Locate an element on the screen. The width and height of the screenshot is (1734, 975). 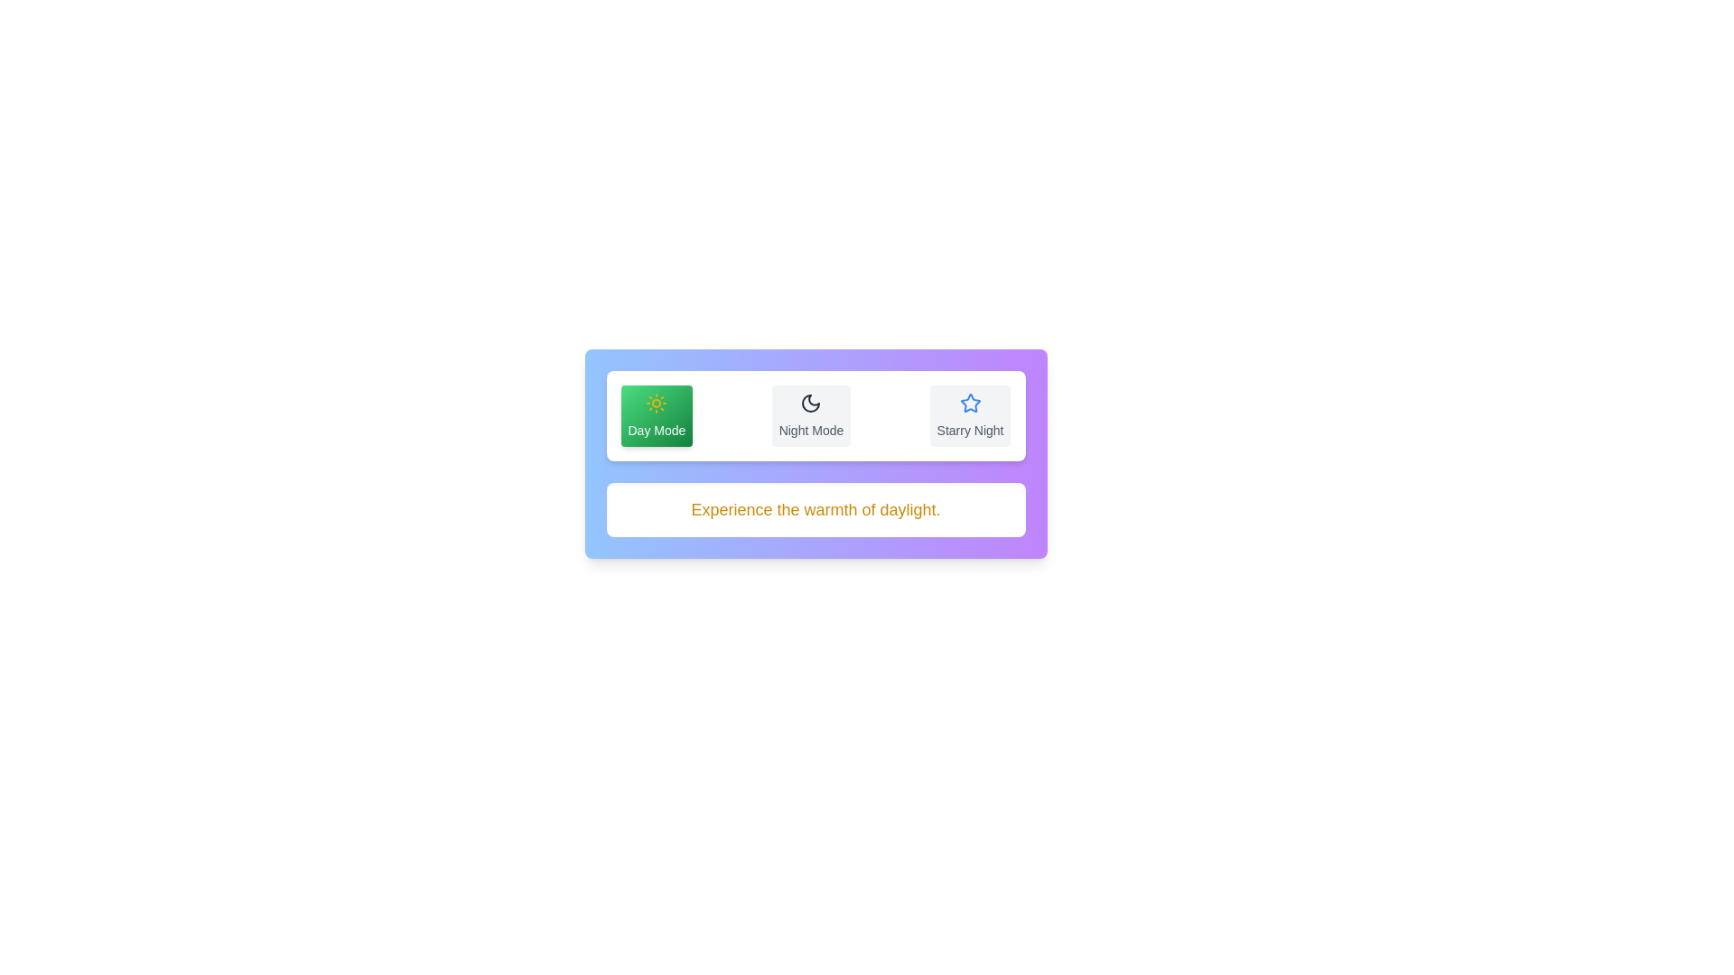
the 'Starry Night' button, which is a light gray button with a blue star icon is located at coordinates (969, 416).